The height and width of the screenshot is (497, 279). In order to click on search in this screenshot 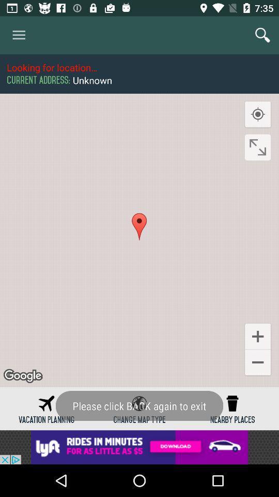, I will do `click(262, 35)`.